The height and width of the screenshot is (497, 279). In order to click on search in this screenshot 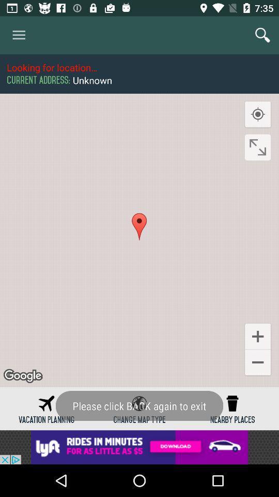, I will do `click(262, 35)`.